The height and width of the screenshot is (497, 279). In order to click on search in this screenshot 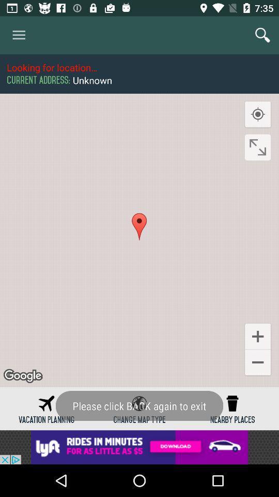, I will do `click(262, 35)`.